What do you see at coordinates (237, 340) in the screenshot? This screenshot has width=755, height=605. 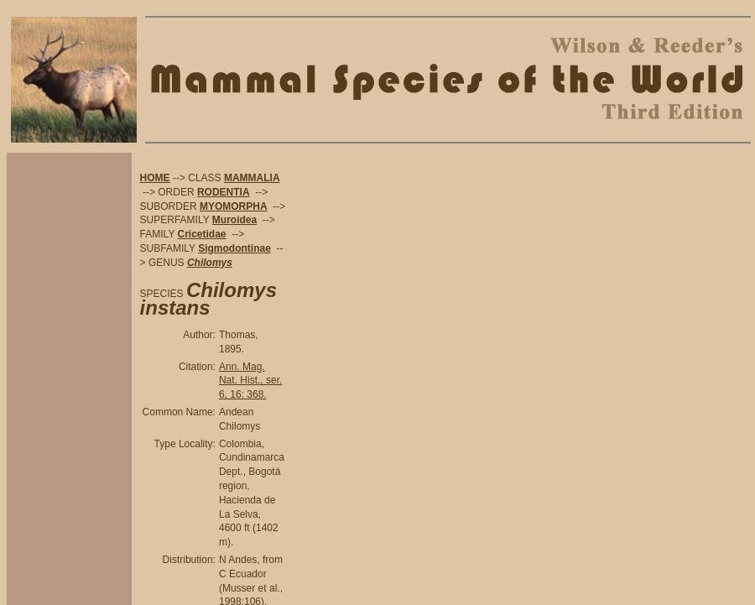 I see `'Thomas, 1895.'` at bounding box center [237, 340].